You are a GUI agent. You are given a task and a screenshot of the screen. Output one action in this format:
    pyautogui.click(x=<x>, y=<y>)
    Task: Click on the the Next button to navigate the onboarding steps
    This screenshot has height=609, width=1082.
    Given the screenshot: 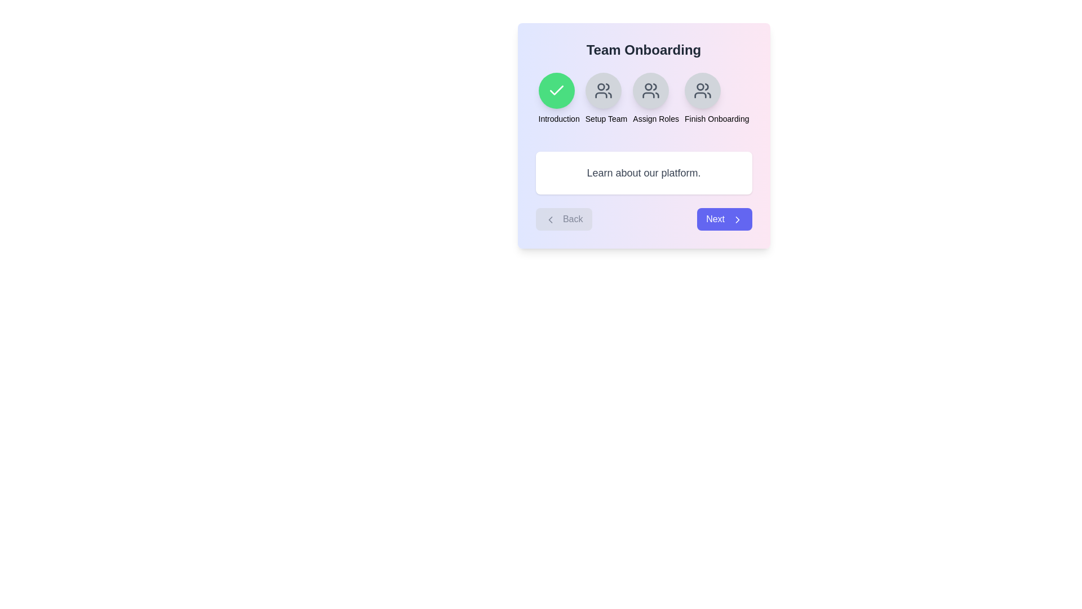 What is the action you would take?
    pyautogui.click(x=724, y=219)
    